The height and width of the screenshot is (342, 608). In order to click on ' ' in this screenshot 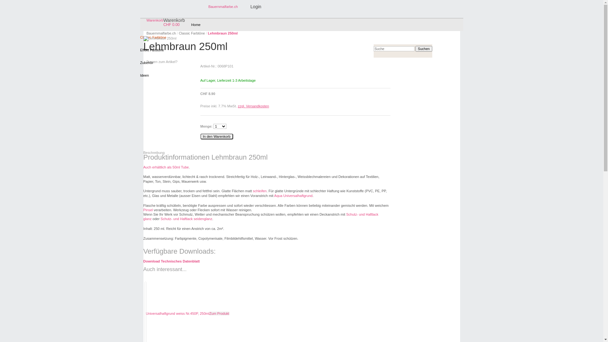, I will do `click(143, 148)`.